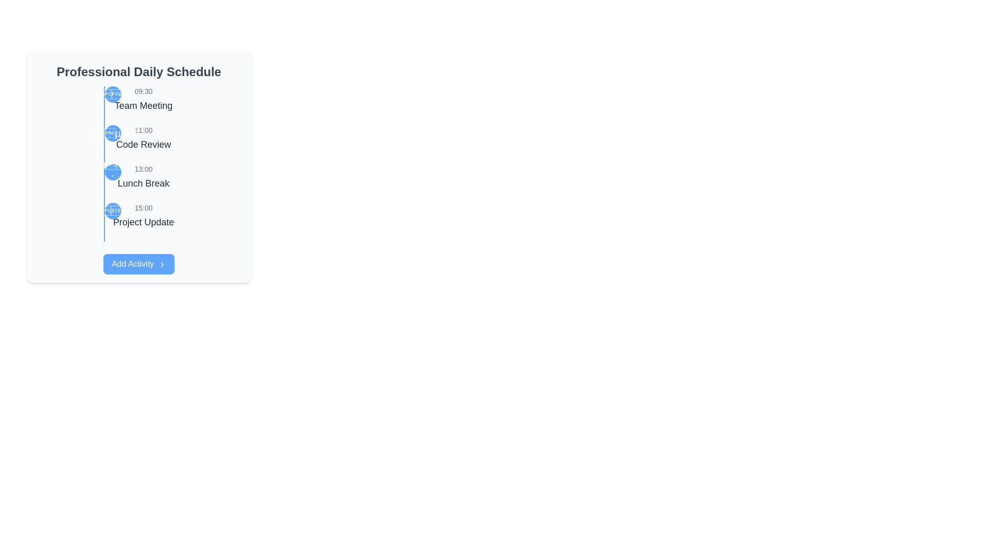 This screenshot has height=552, width=983. Describe the element at coordinates (143, 177) in the screenshot. I see `the third list item in the 'Professional Daily Schedule' timeline, which displays '13:00' for time and 'Lunch Break' for description, with a blue circular icon containing a white emoji on the left` at that location.